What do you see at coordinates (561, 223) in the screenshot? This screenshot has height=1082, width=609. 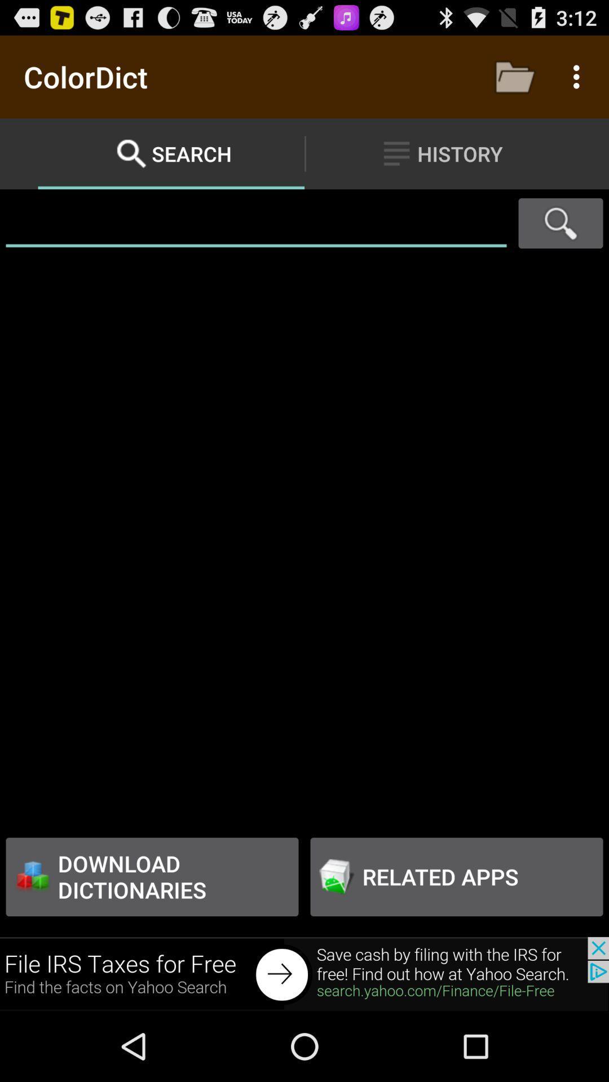 I see `search button` at bounding box center [561, 223].